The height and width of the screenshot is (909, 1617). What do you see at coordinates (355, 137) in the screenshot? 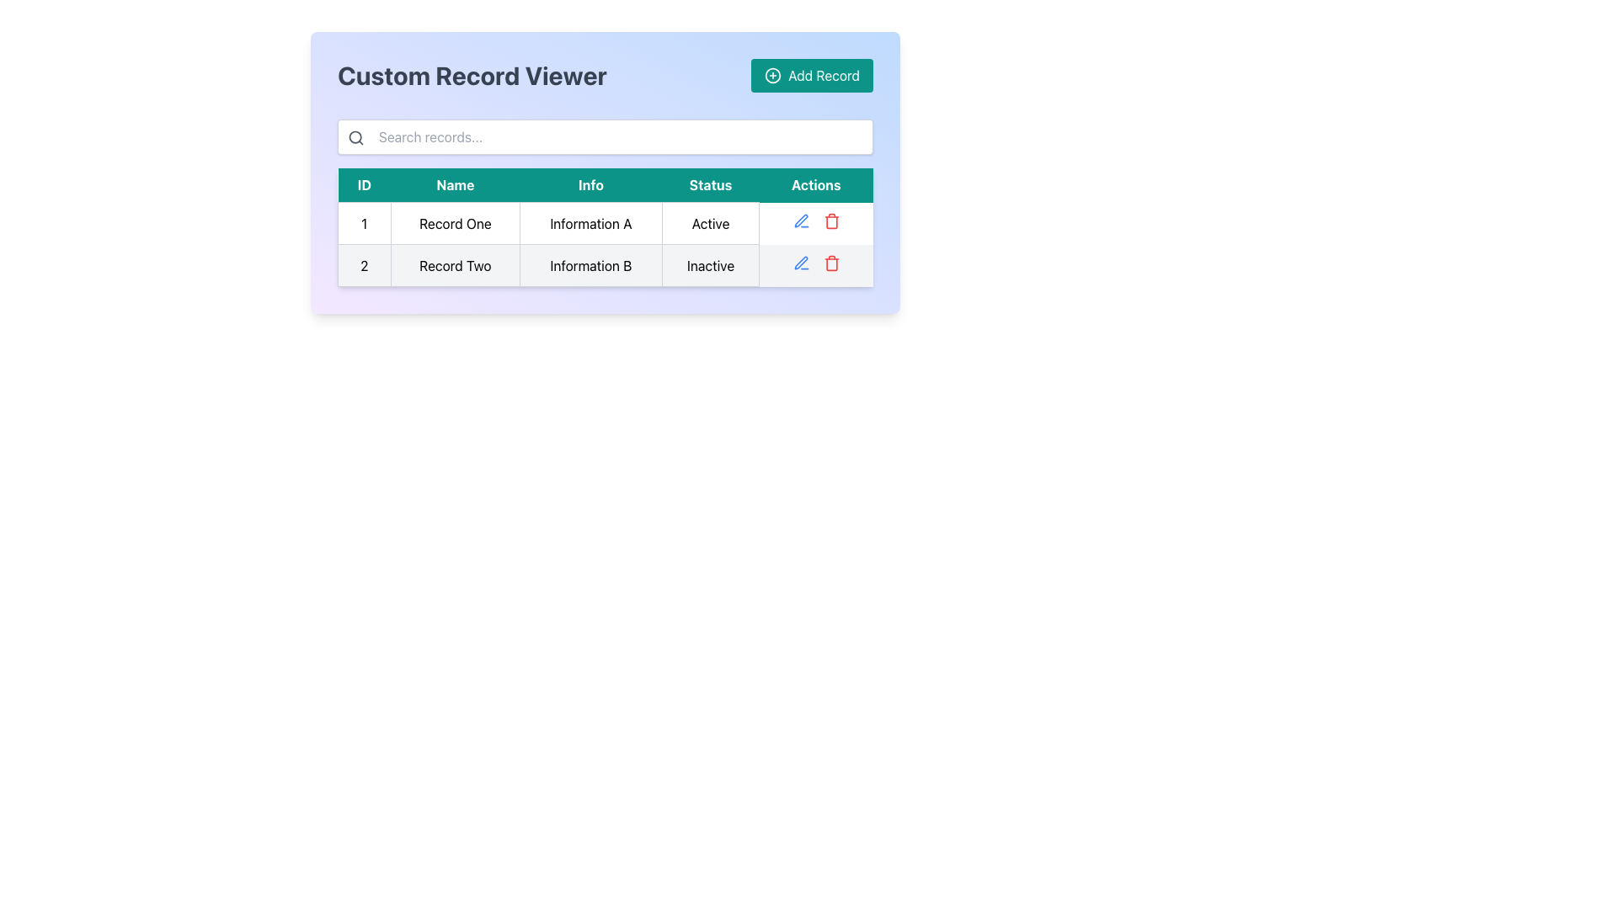
I see `the SVG icon resembling a magnifying glass, which represents the search functionality, located near the left side of the search bar input field` at bounding box center [355, 137].